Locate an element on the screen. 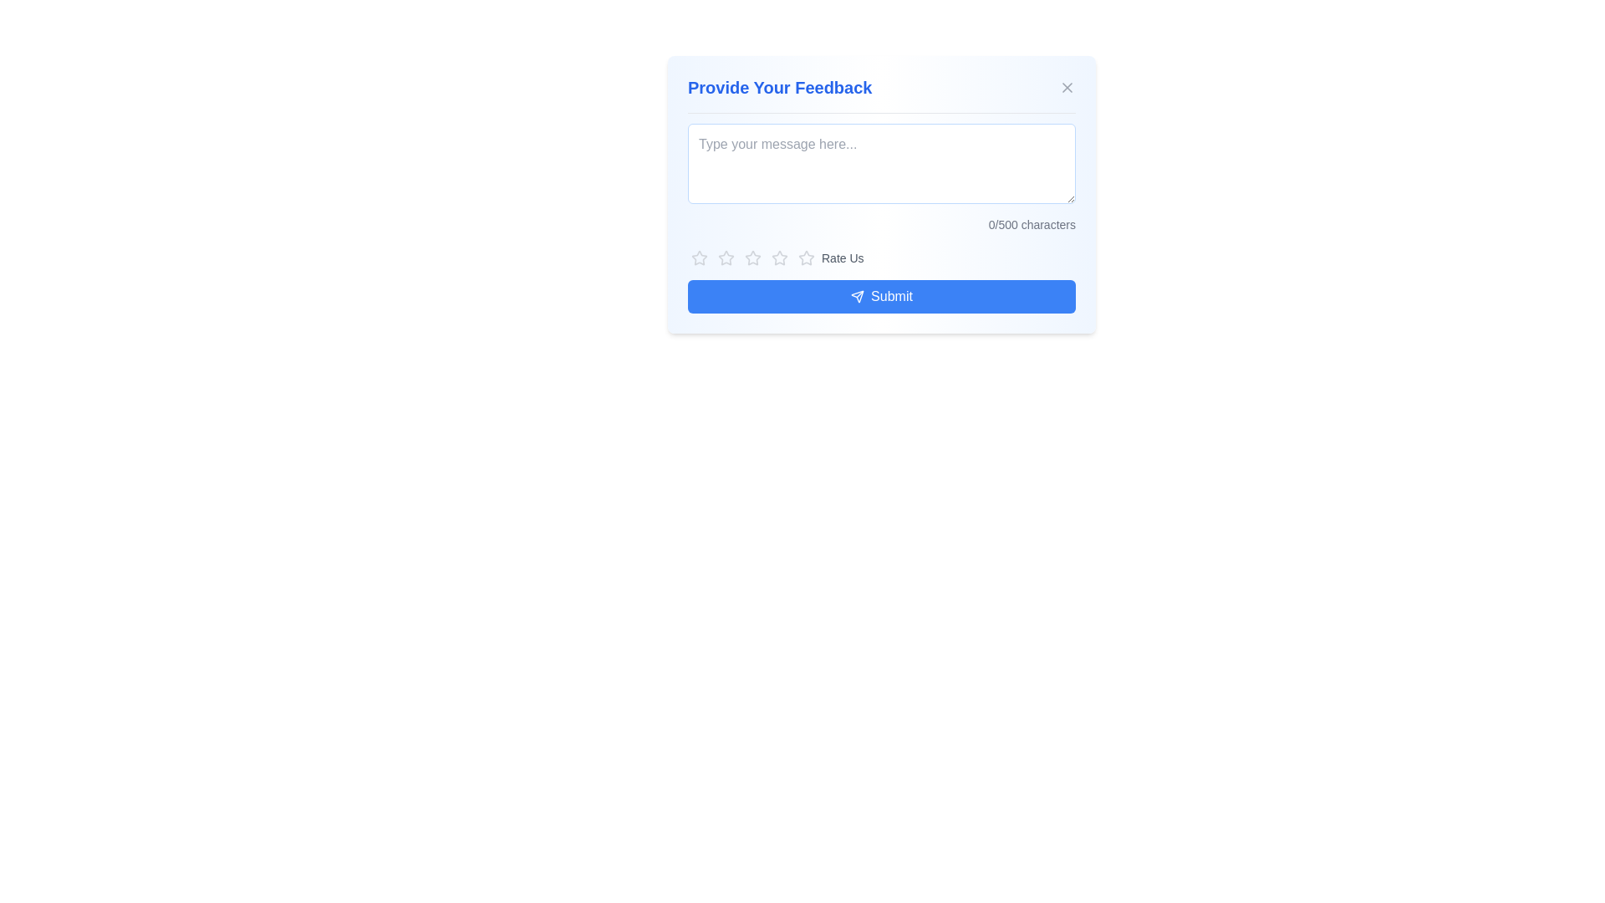 This screenshot has height=903, width=1605. the fifth star icon in the horizontal sequence for rating purposes is located at coordinates (806, 258).